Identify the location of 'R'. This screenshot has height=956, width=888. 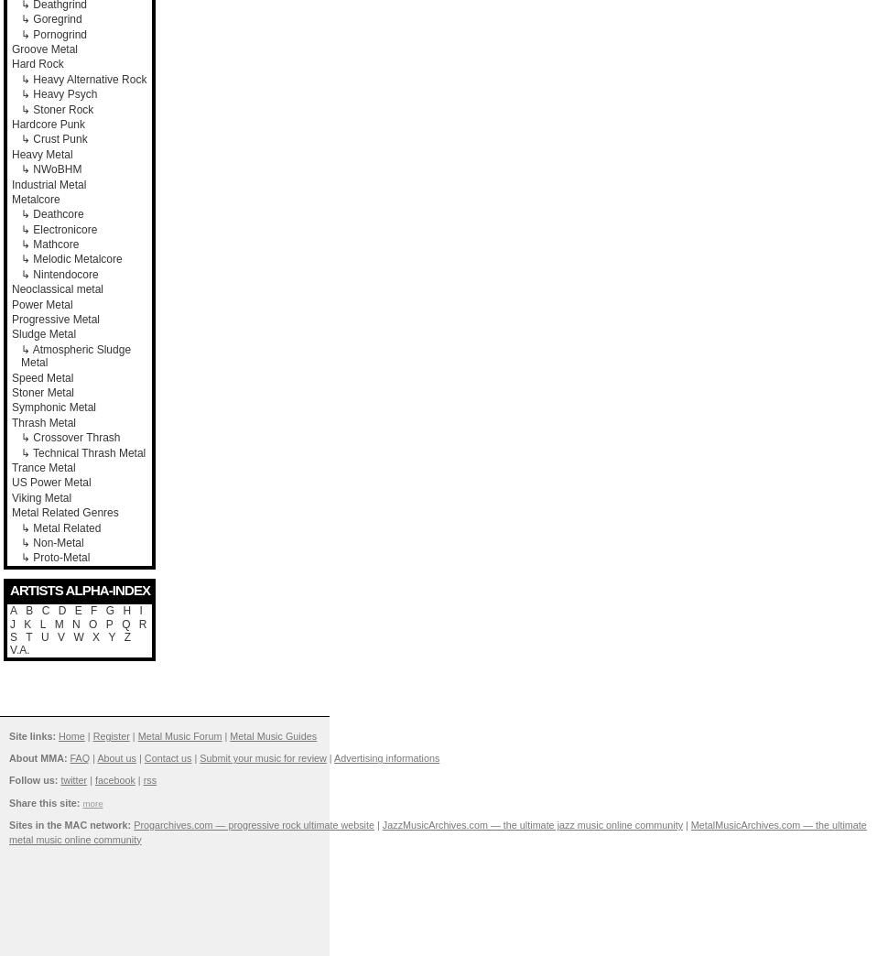
(141, 623).